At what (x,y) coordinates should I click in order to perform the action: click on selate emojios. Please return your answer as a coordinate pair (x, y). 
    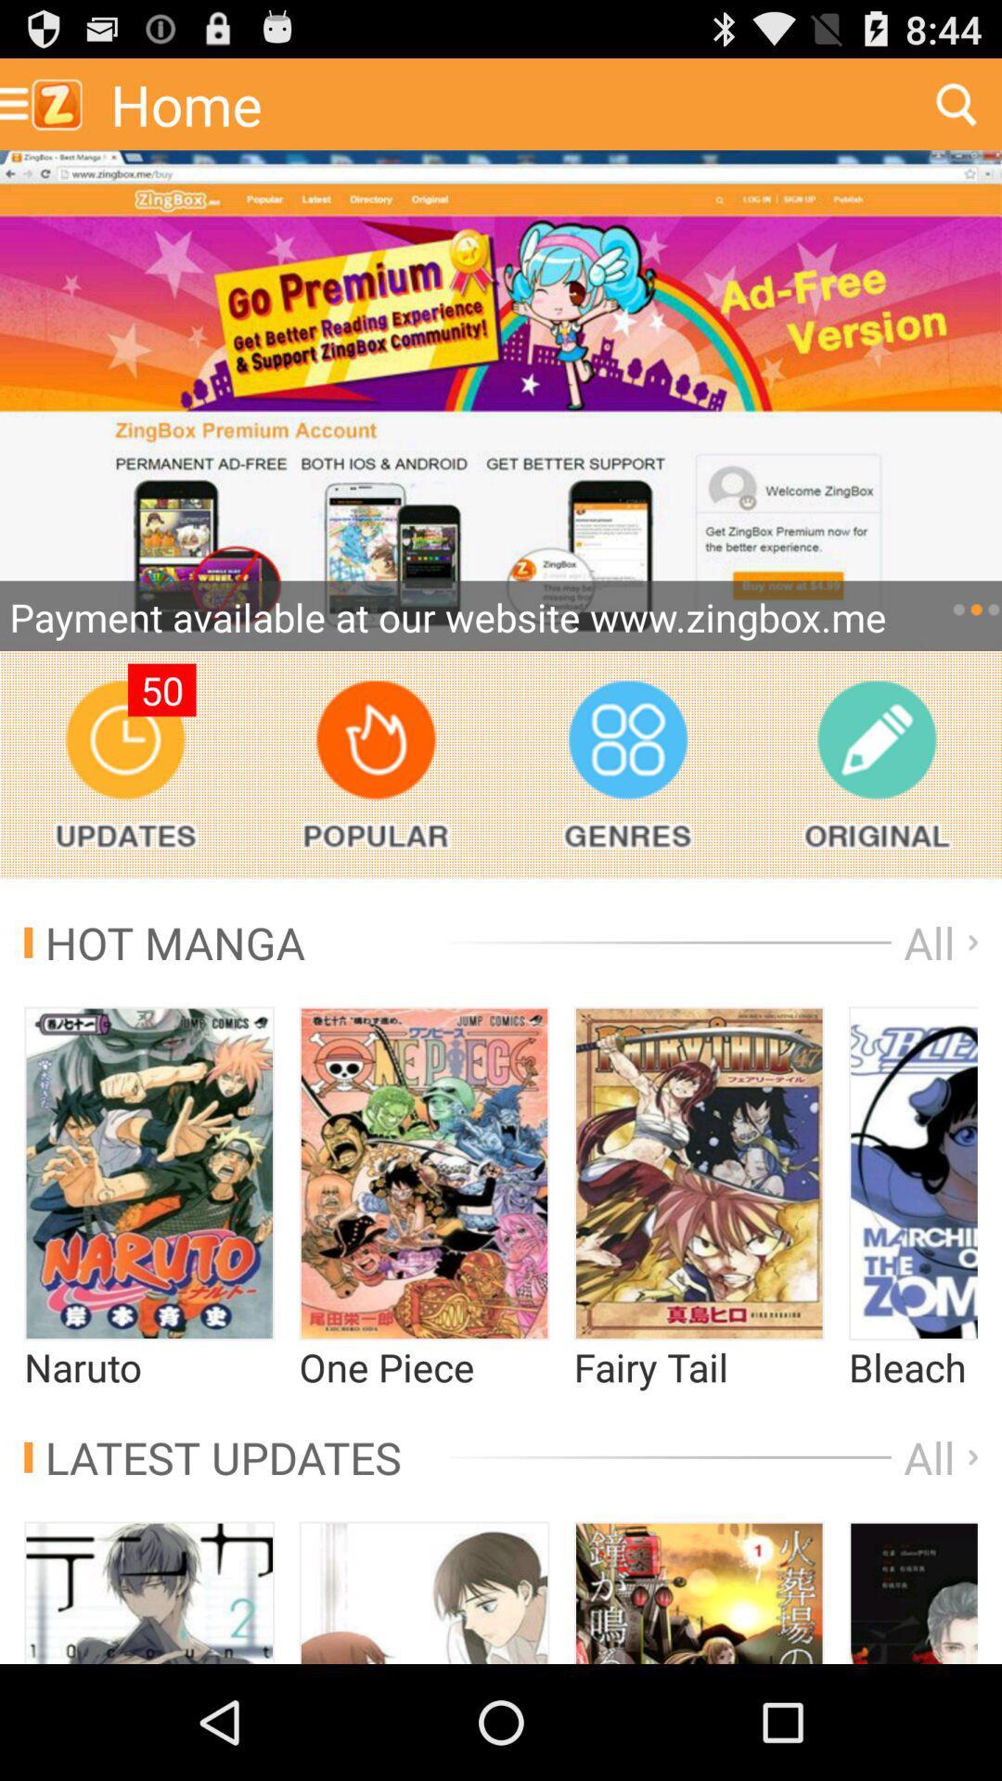
    Looking at the image, I should click on (424, 1172).